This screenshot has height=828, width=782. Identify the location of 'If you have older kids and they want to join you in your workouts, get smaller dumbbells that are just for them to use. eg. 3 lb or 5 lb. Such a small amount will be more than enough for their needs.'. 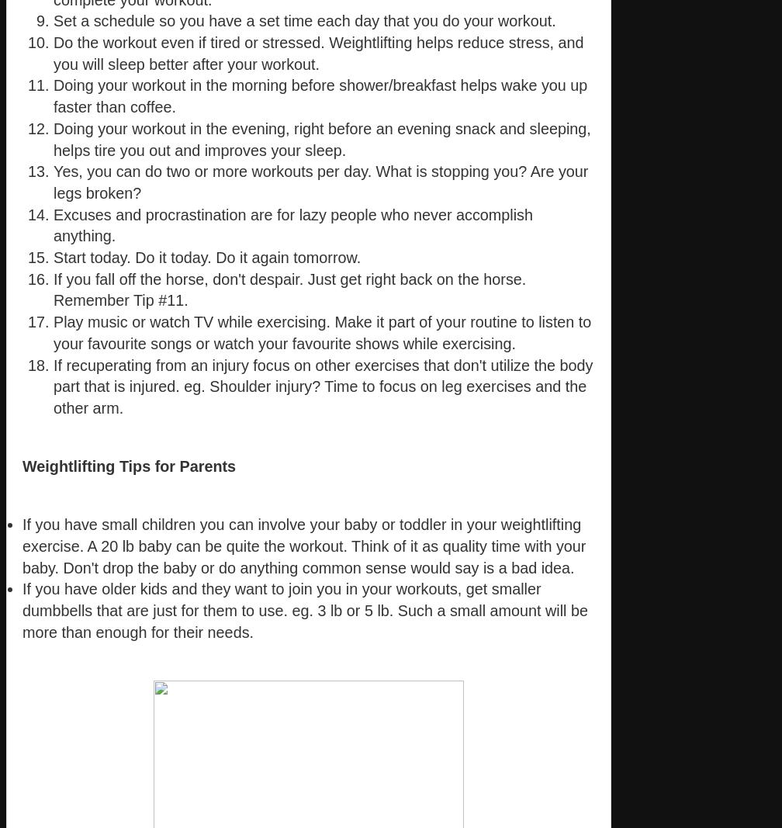
(22, 609).